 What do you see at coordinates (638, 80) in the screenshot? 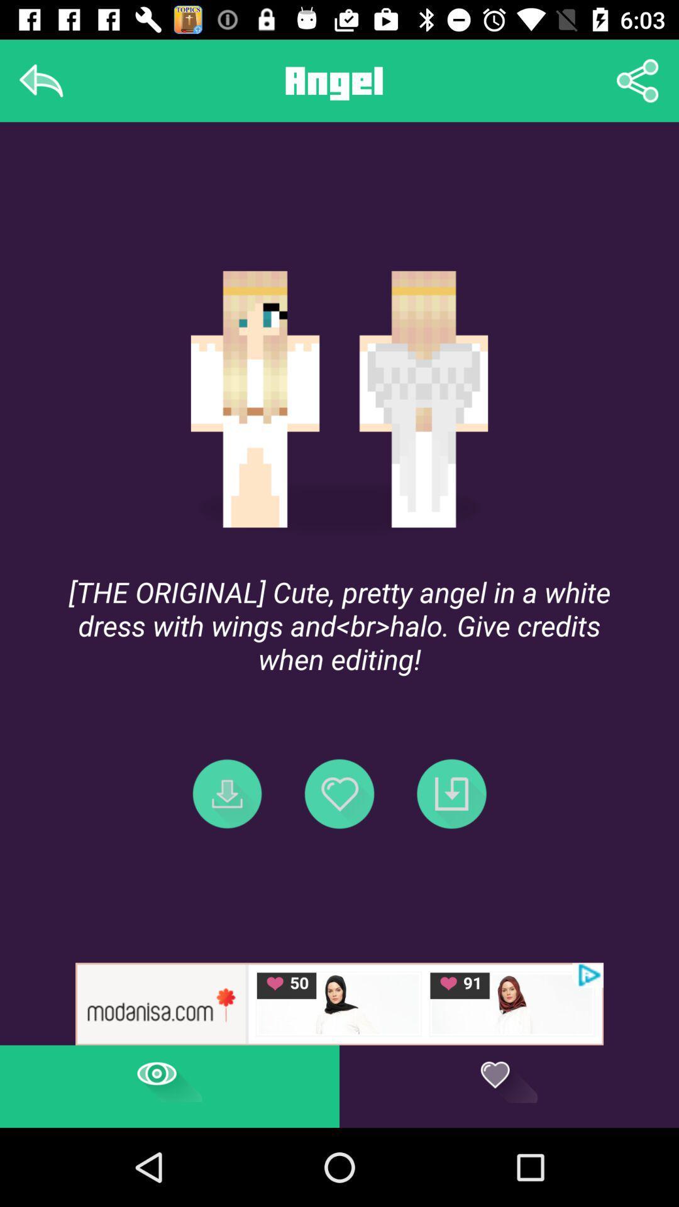
I see `the share icon` at bounding box center [638, 80].